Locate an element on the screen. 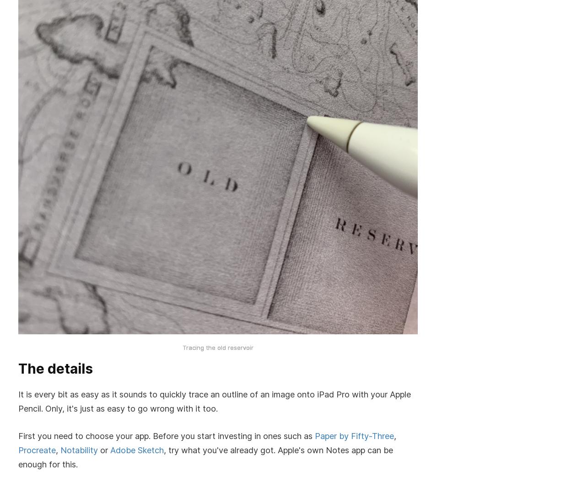  'First you need to choose your app. Before you start investing in ones such as' is located at coordinates (18, 435).